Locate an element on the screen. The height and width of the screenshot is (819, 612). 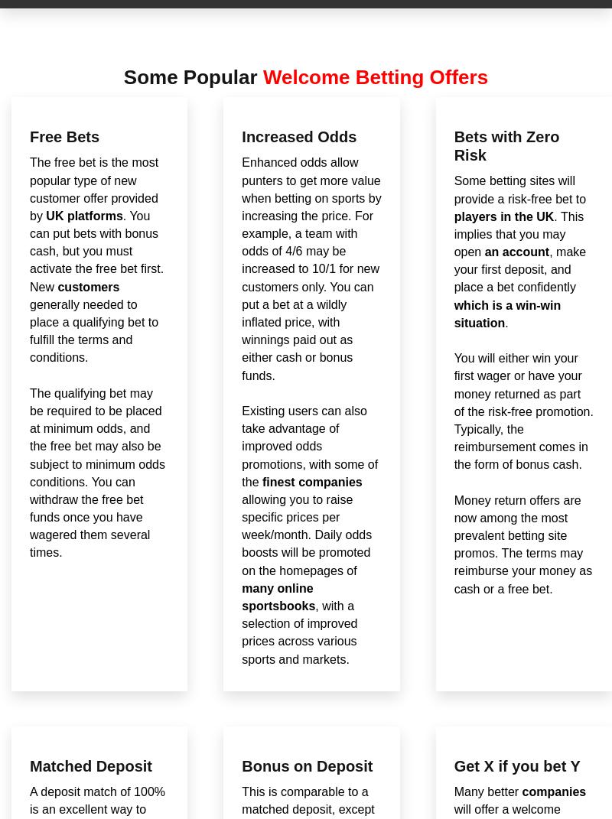
'UK platforms' is located at coordinates (83, 215).